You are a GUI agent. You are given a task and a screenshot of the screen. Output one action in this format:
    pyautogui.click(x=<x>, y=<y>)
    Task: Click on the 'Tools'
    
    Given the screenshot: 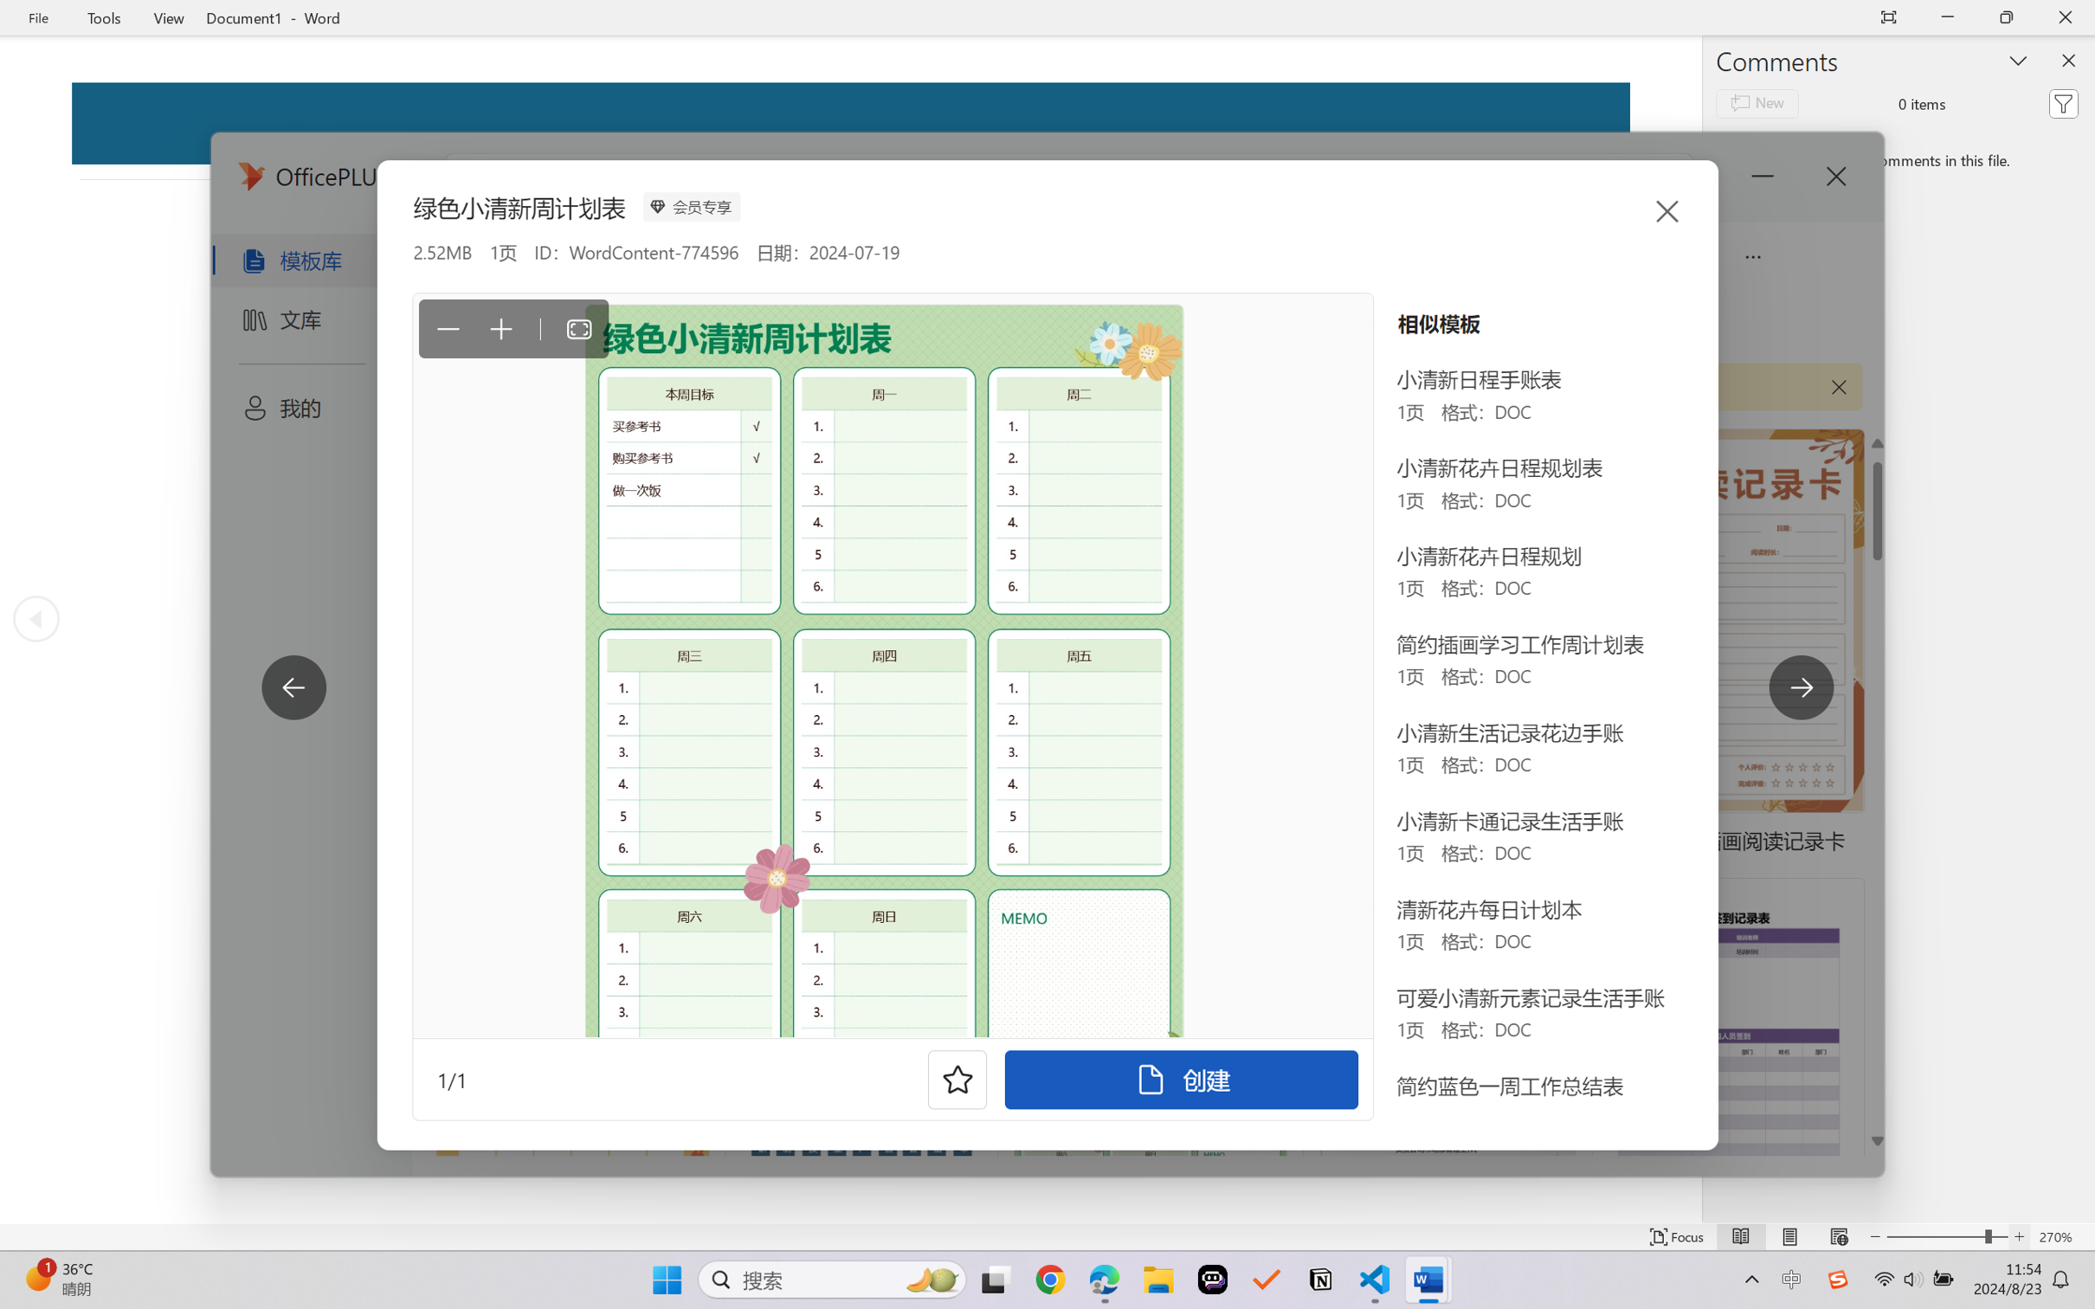 What is the action you would take?
    pyautogui.click(x=105, y=17)
    